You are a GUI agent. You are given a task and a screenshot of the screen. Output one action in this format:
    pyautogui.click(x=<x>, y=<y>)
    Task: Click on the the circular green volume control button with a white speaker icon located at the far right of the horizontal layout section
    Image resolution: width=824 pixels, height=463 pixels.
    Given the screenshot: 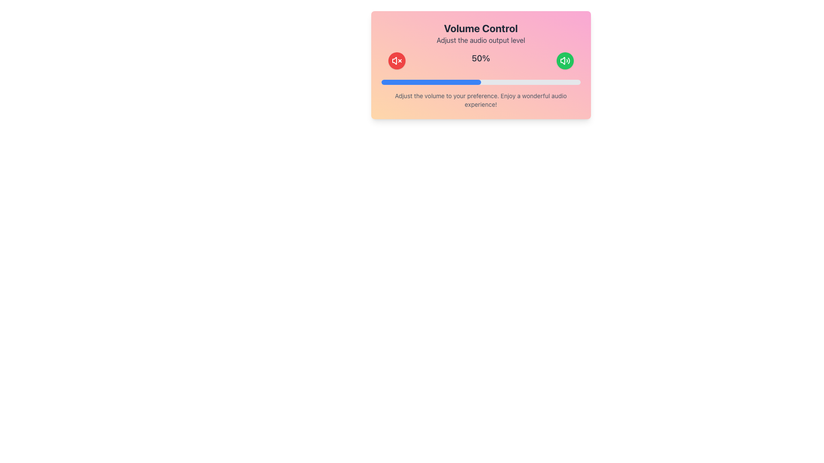 What is the action you would take?
    pyautogui.click(x=565, y=60)
    